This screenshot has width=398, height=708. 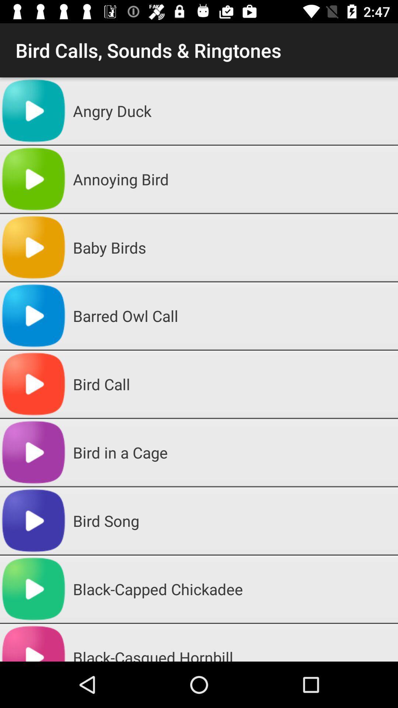 I want to click on annoying bird app, so click(x=233, y=179).